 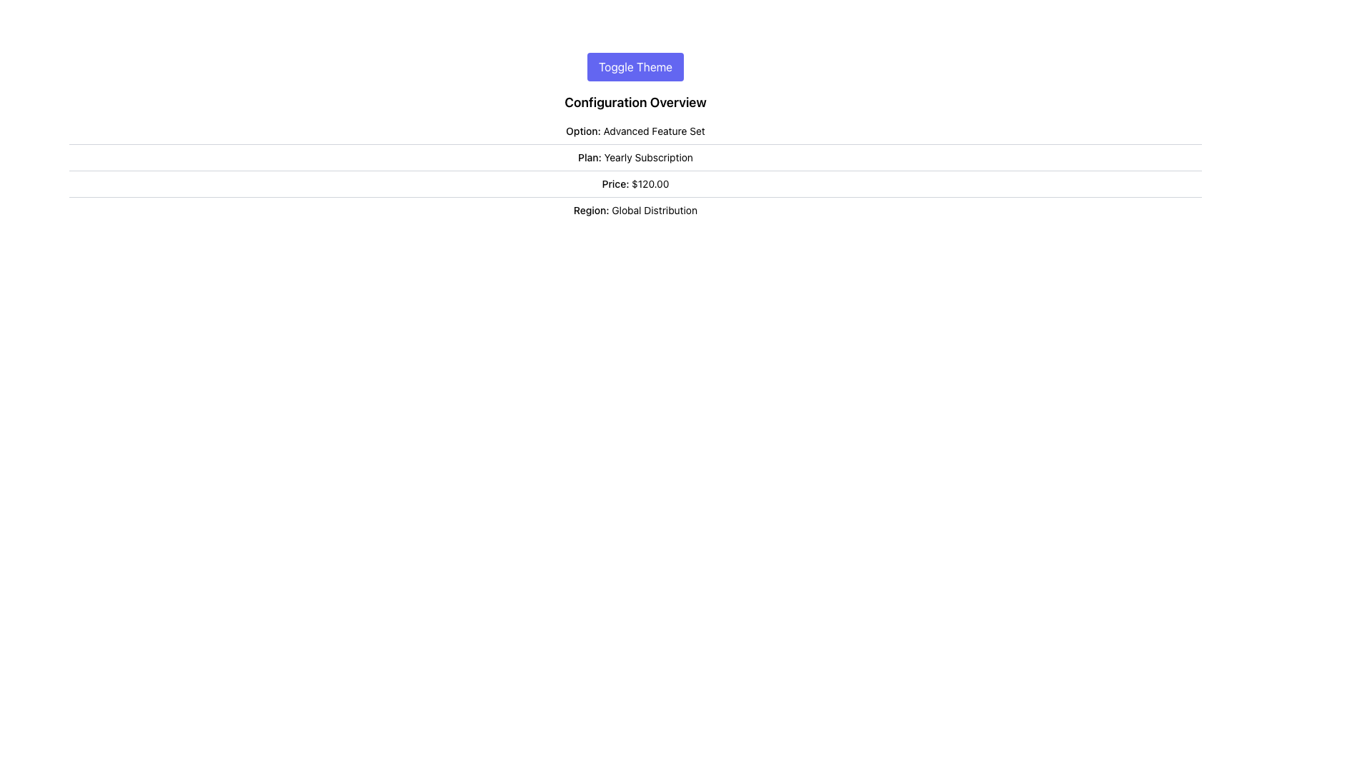 I want to click on the Text label displaying the price '$120.00' that follows the prefix 'Price:' in the 'Configuration Overview' section, so click(x=650, y=183).